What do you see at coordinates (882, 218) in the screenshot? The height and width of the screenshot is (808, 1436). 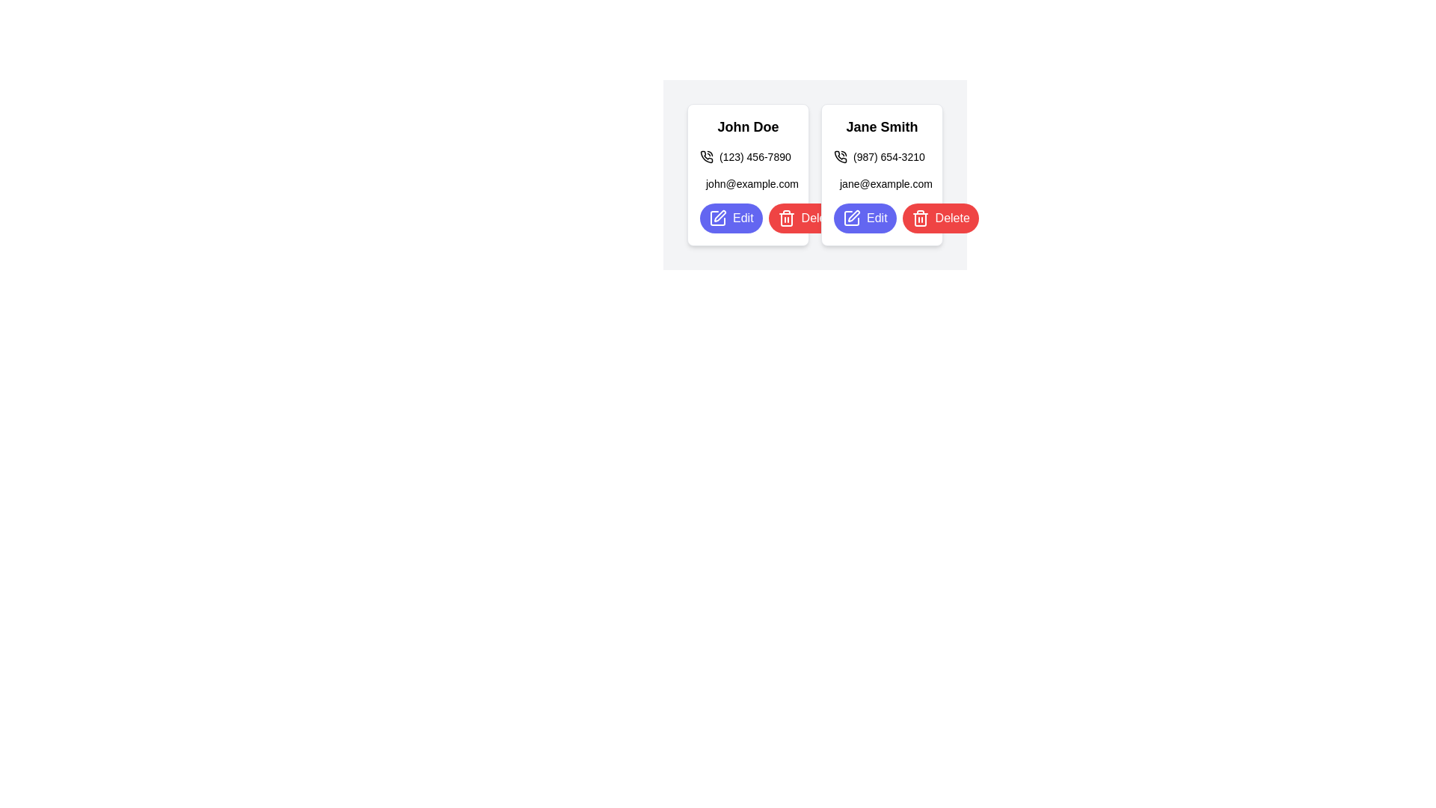 I see `the blue 'Edit' button located in the button group for modifying contact information of 'Jane Smith'` at bounding box center [882, 218].